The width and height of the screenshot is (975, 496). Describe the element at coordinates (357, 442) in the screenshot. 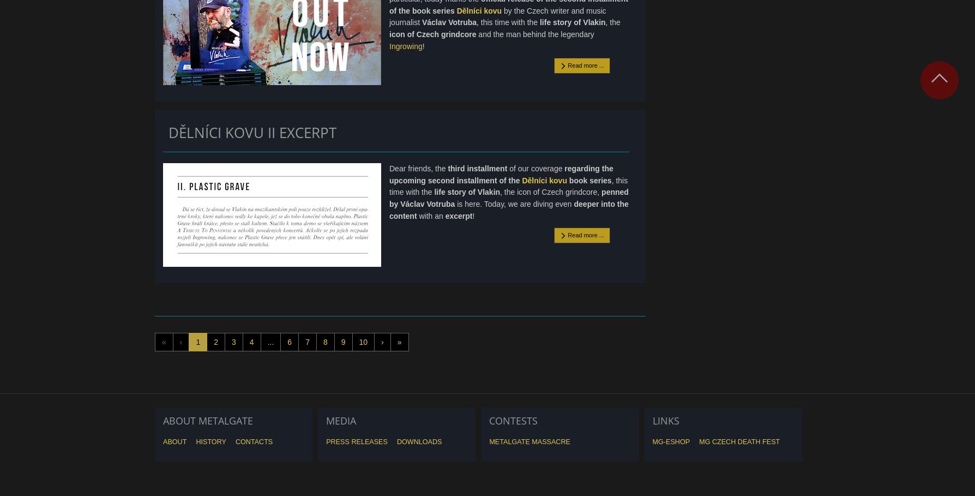

I see `'Press releases'` at that location.